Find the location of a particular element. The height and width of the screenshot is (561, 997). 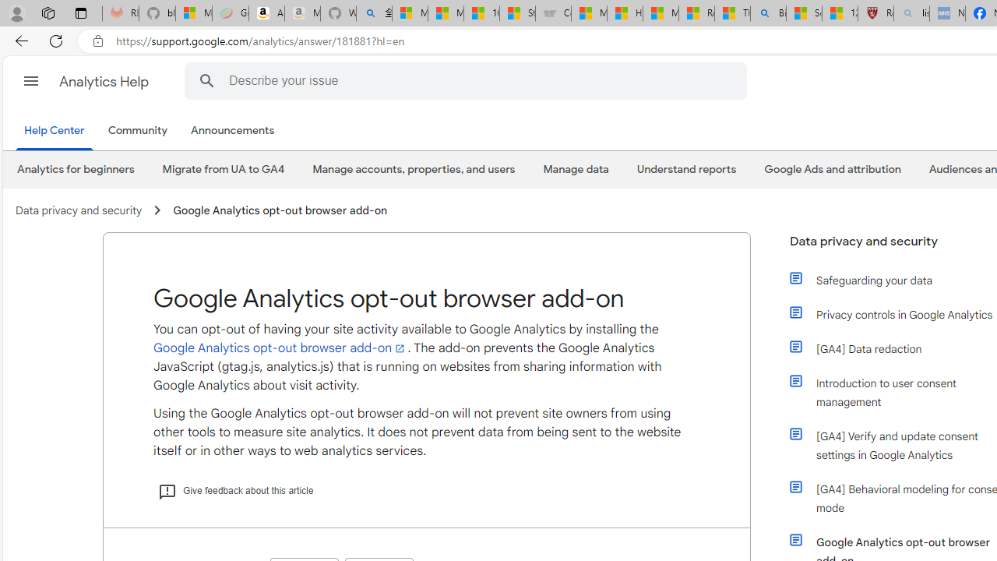

'Migrate from UA to GA4' is located at coordinates (223, 169).